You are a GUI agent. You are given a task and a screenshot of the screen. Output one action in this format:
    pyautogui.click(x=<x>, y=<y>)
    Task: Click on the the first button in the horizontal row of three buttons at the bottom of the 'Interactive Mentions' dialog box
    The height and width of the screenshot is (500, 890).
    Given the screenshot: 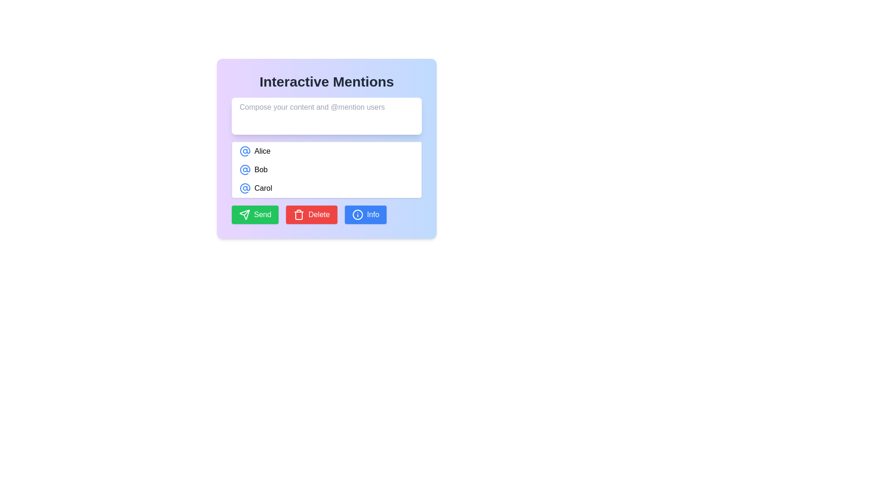 What is the action you would take?
    pyautogui.click(x=255, y=214)
    